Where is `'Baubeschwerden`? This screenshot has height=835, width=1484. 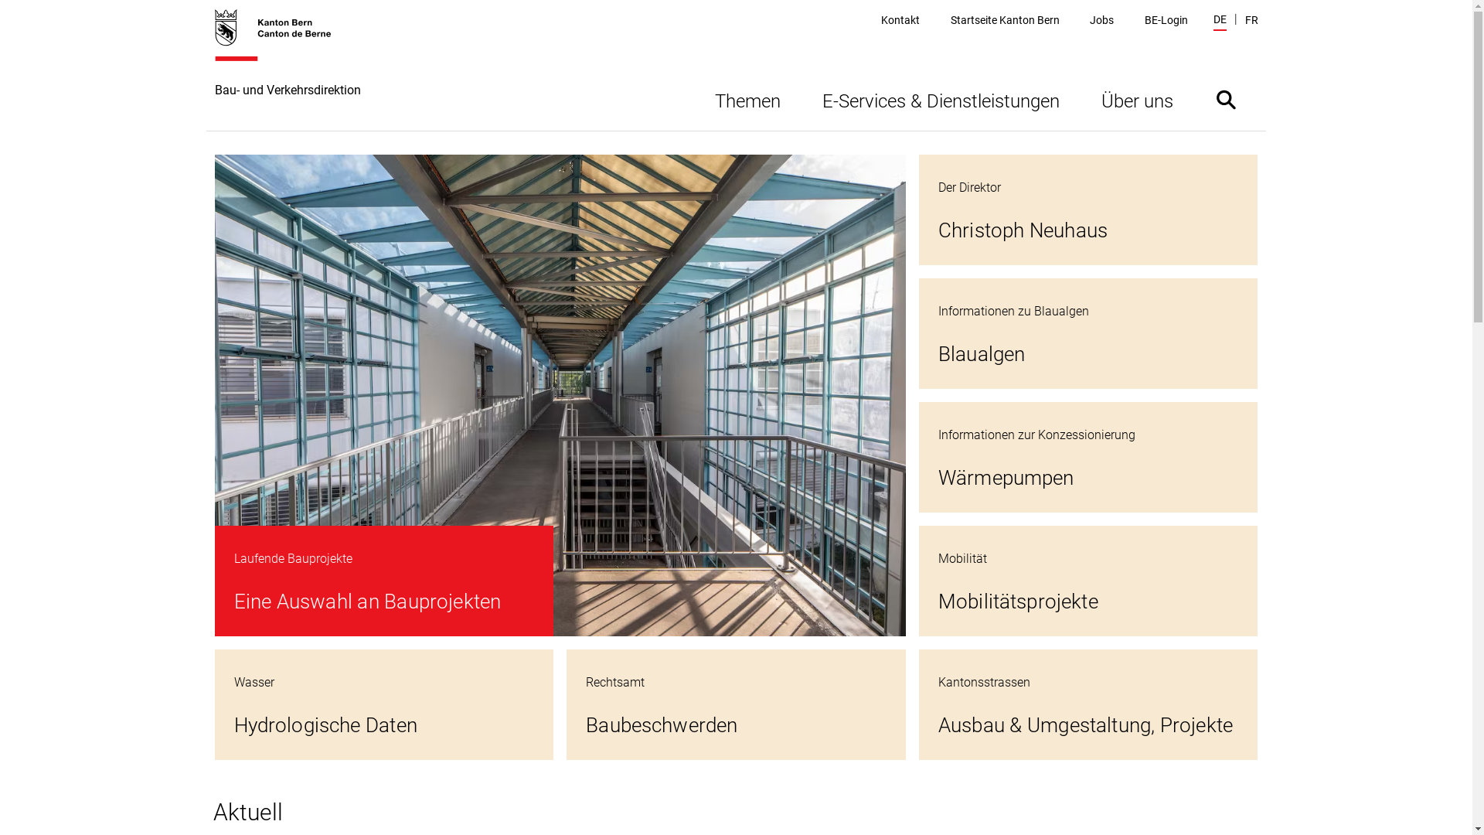 'Baubeschwerden is located at coordinates (735, 704).